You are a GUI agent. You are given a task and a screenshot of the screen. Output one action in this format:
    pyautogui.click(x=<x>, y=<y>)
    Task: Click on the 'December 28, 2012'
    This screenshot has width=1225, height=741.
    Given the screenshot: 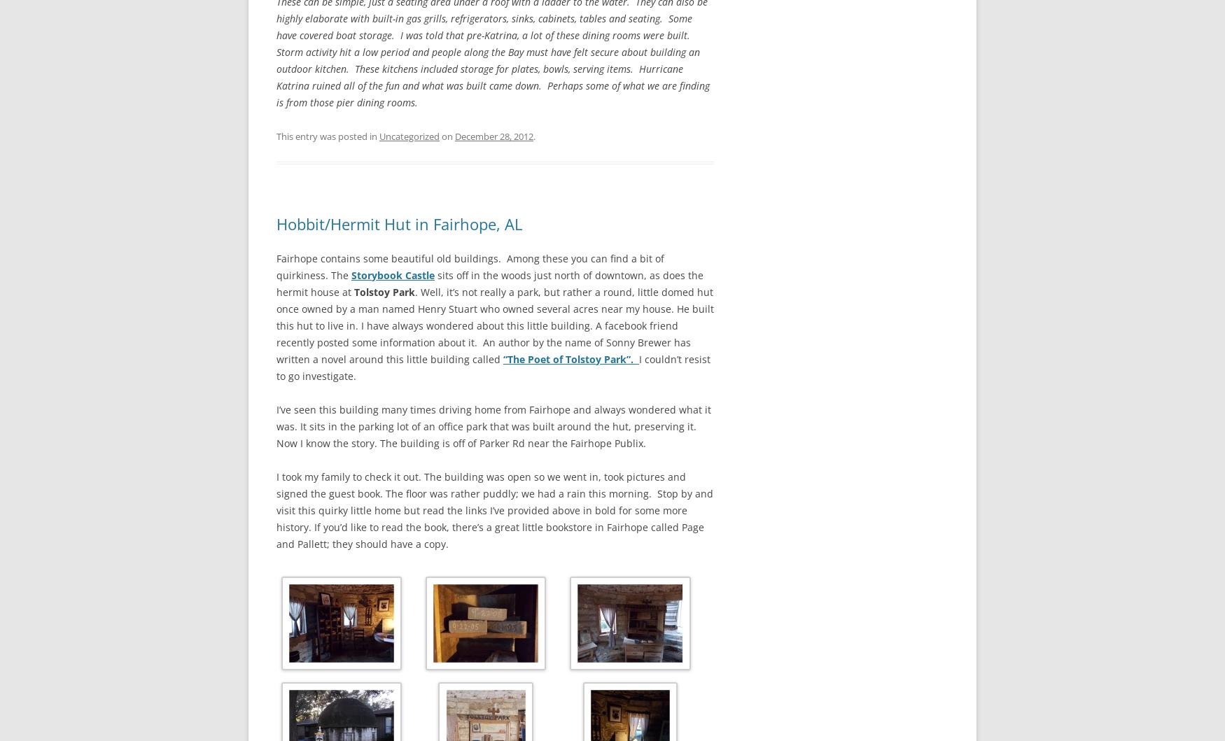 What is the action you would take?
    pyautogui.click(x=493, y=135)
    